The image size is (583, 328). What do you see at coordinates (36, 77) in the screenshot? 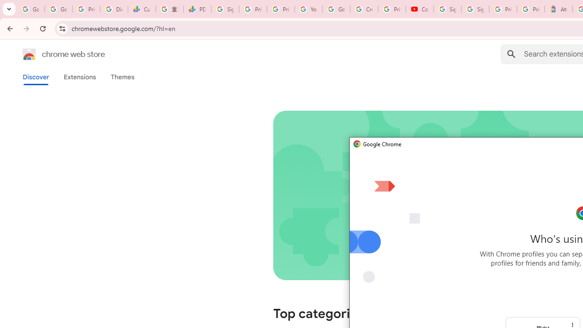
I see `'Discover'` at bounding box center [36, 77].